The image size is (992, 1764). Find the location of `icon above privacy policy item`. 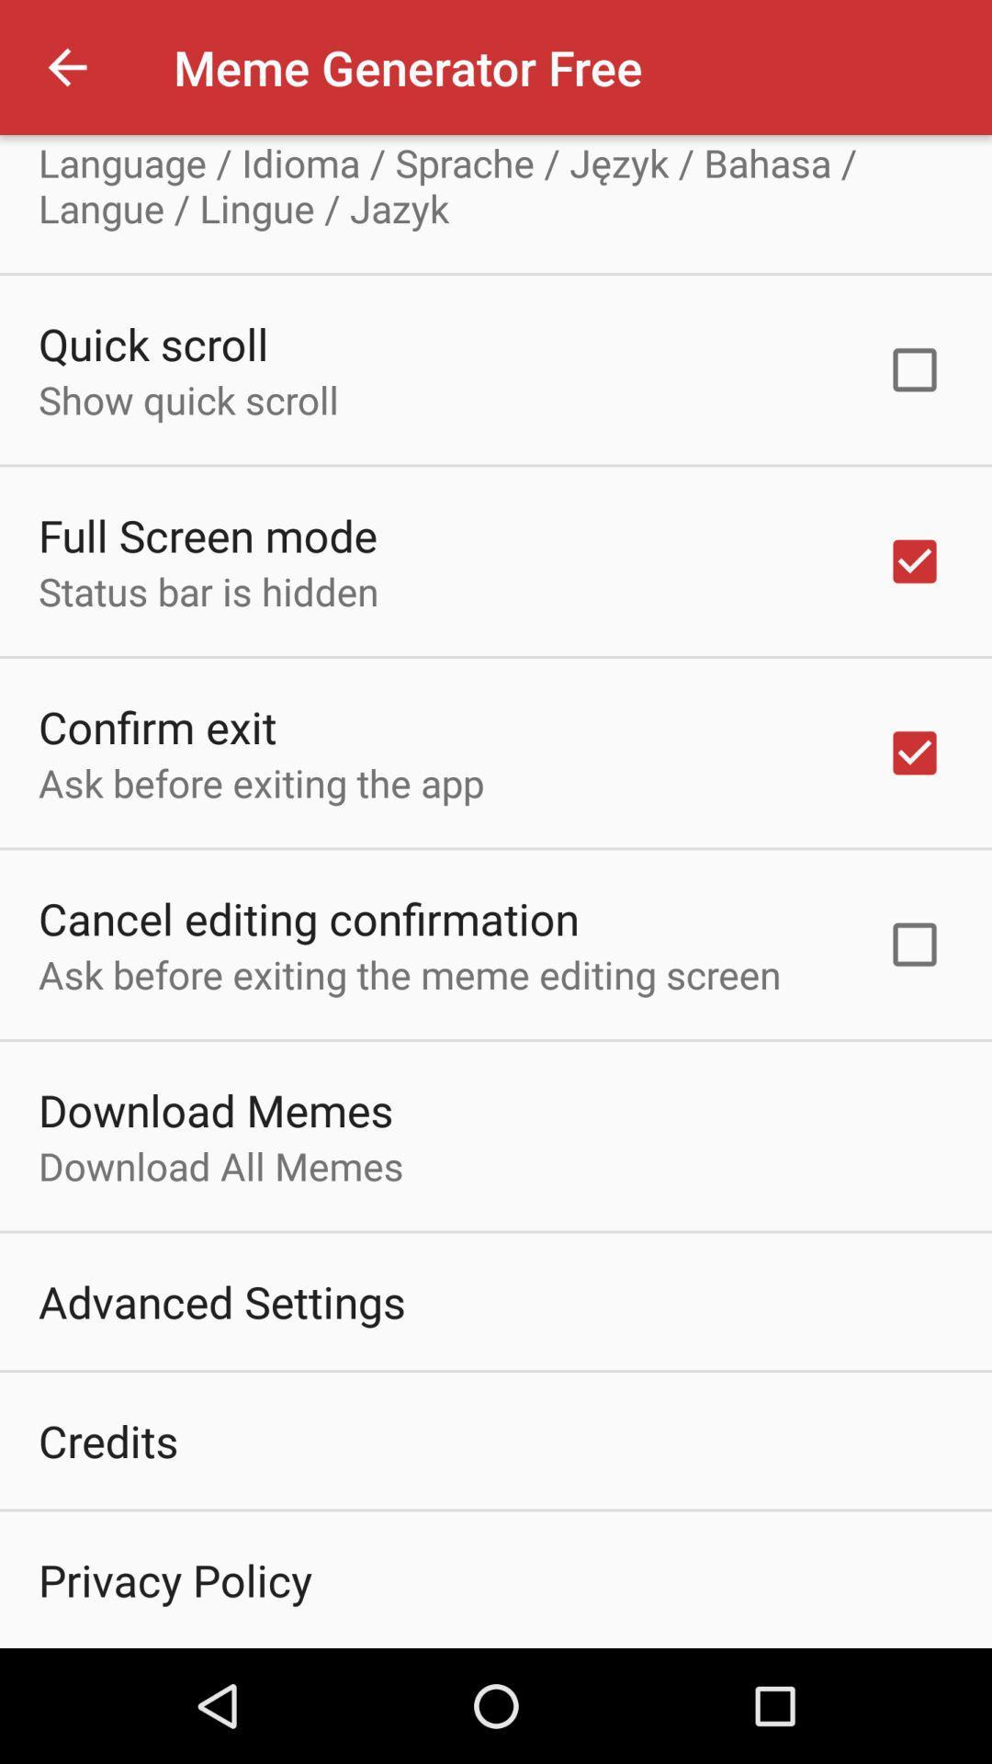

icon above privacy policy item is located at coordinates (108, 1440).